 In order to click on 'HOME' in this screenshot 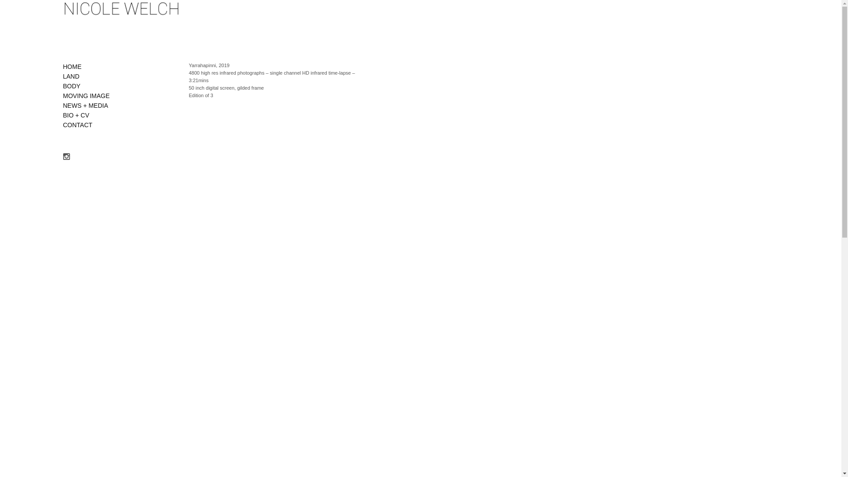, I will do `click(62, 66)`.